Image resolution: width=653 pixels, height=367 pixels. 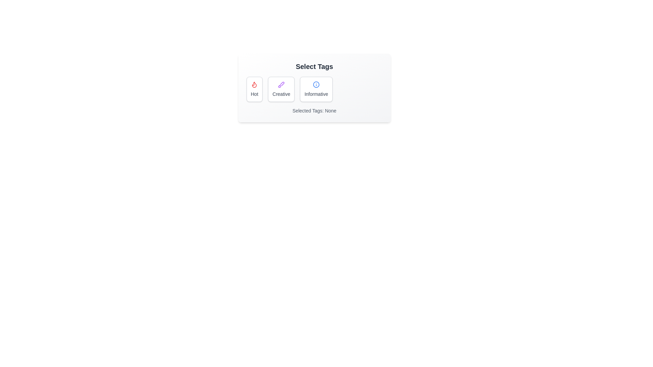 I want to click on the tag Hot to preview its selection effect, so click(x=254, y=89).